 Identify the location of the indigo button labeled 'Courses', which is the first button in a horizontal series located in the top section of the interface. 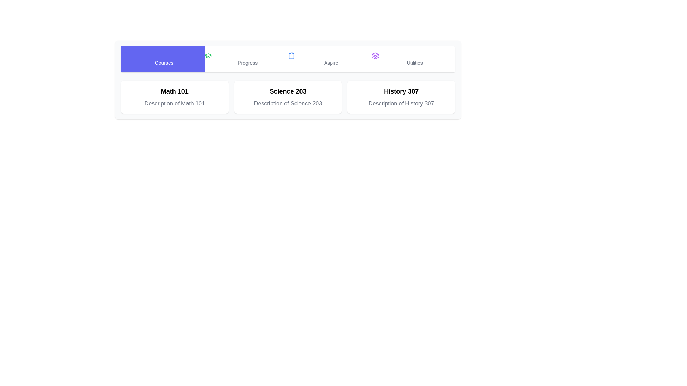
(162, 59).